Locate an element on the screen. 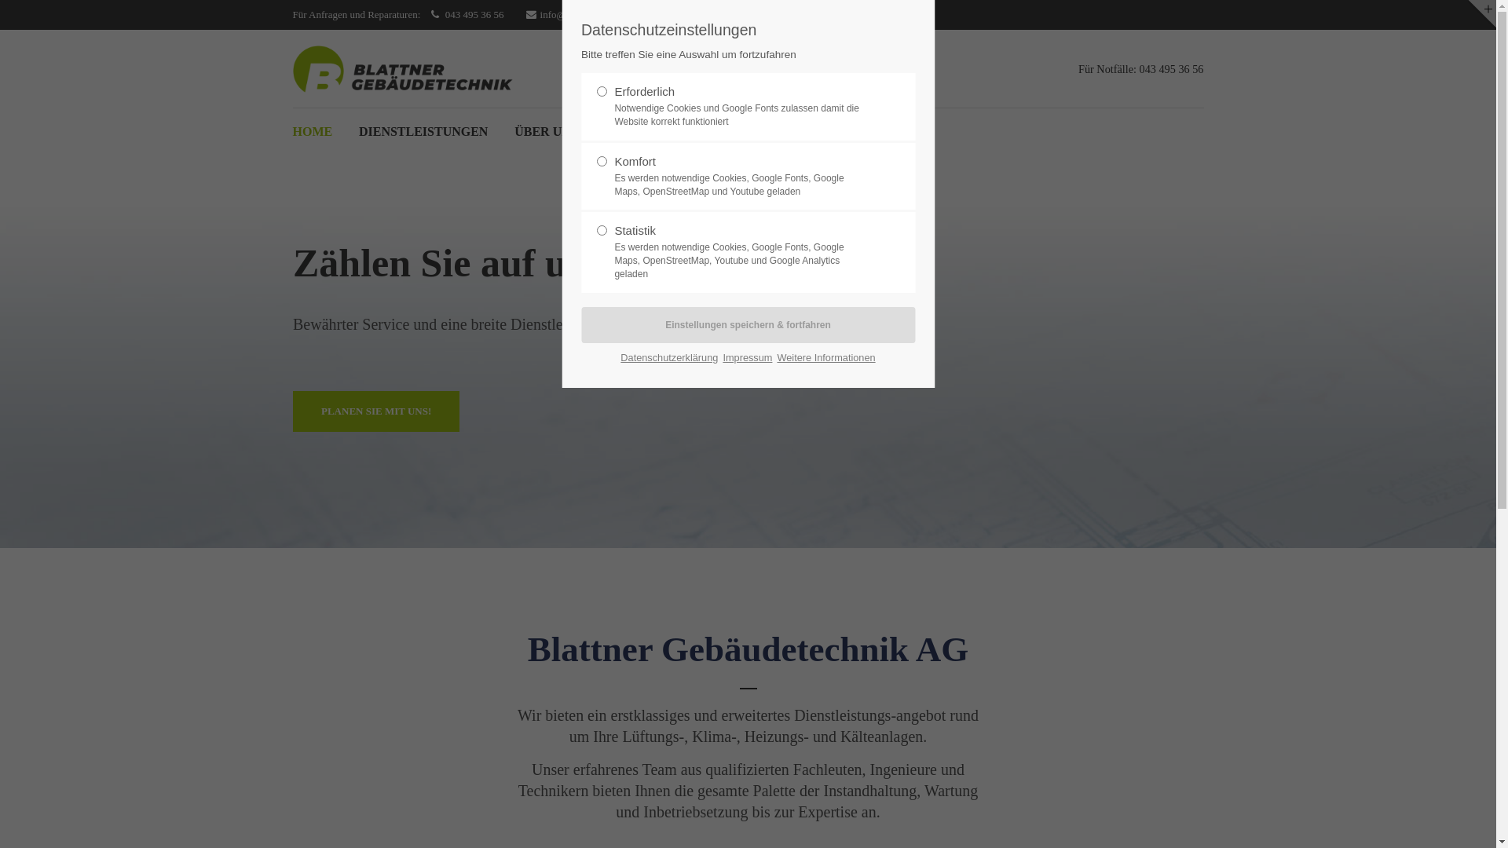 The width and height of the screenshot is (1508, 848). 'HOME' is located at coordinates (312, 131).